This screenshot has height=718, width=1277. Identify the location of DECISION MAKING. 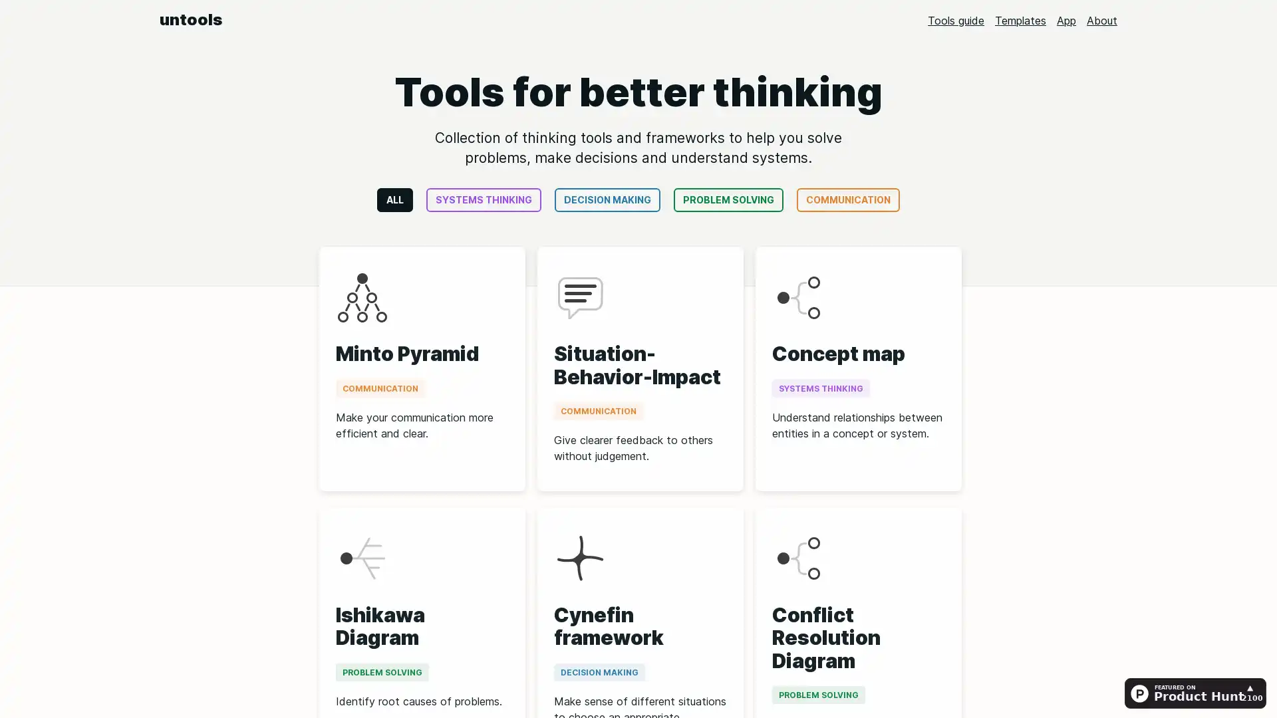
(607, 199).